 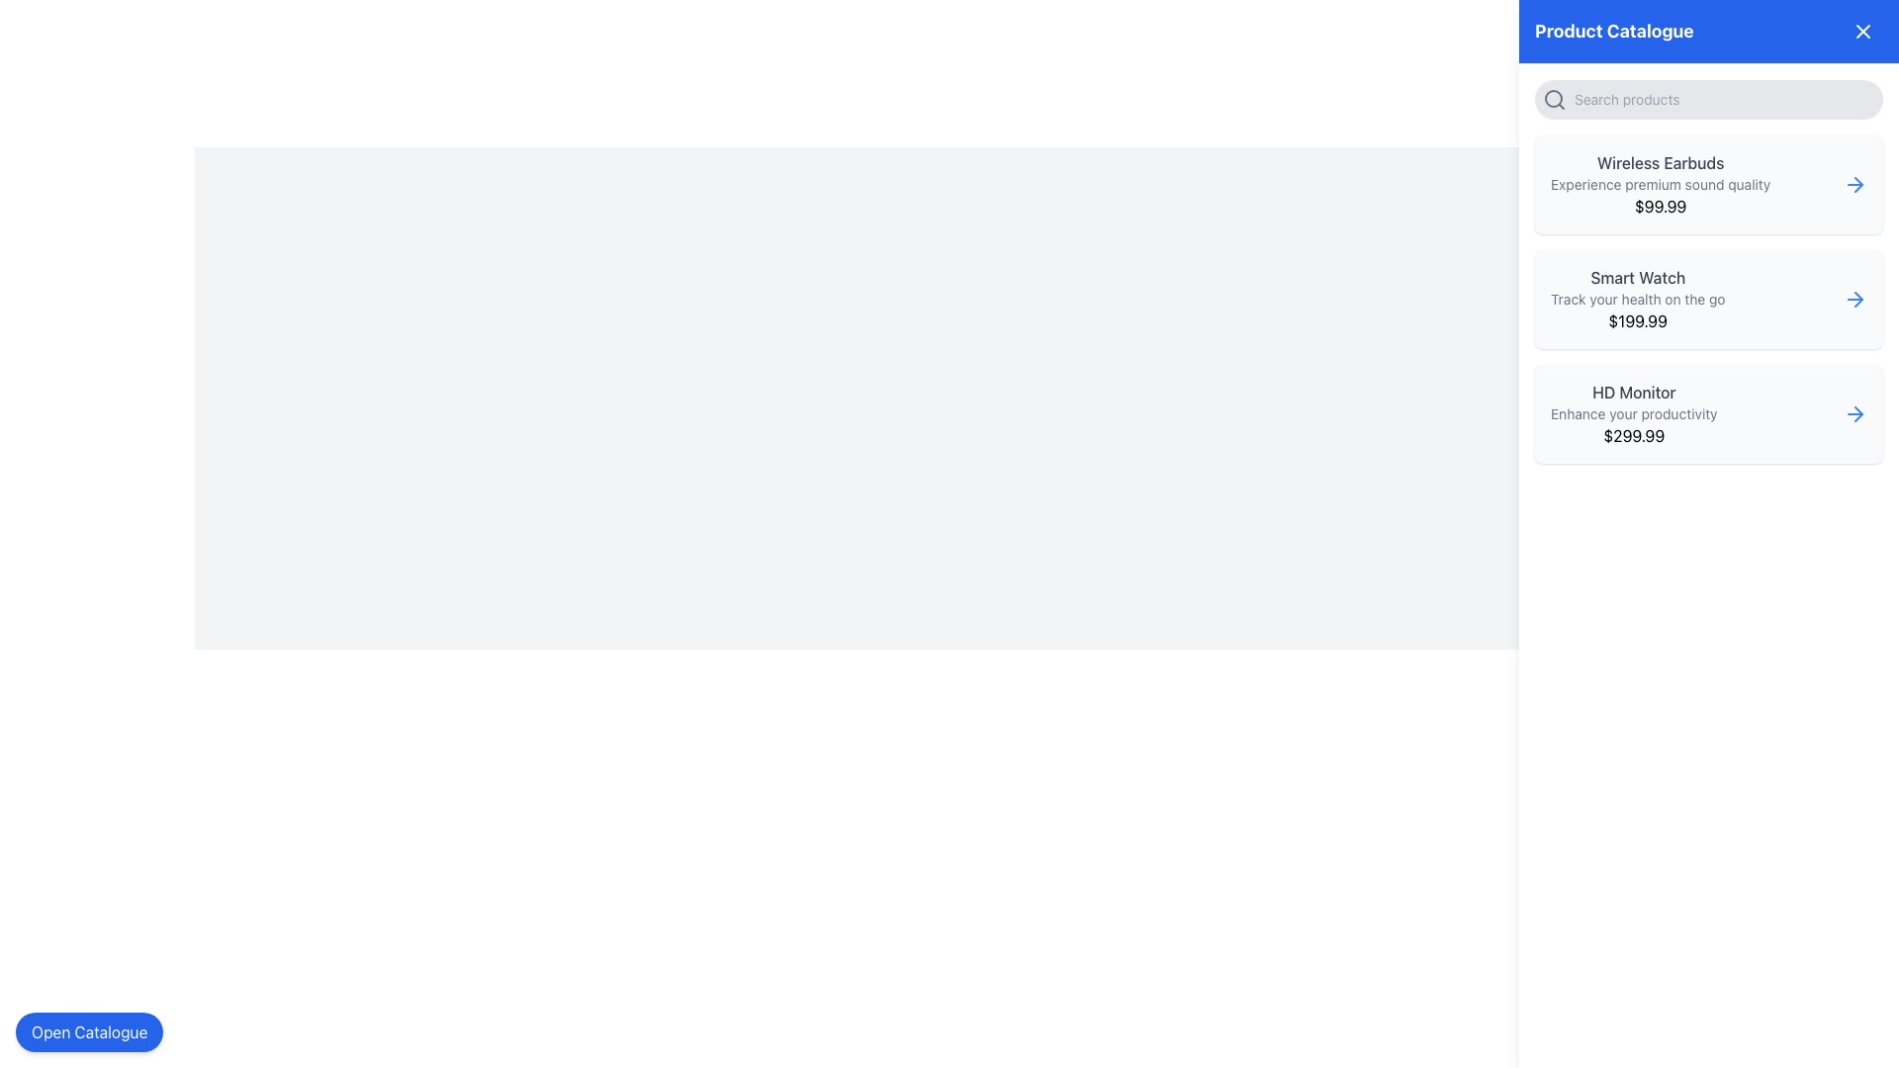 What do you see at coordinates (1854, 413) in the screenshot?
I see `the right-pointing arrow icon with a thin blue outline located next to the 'HD Monitor' text in the 'Product Catalogue' section` at bounding box center [1854, 413].